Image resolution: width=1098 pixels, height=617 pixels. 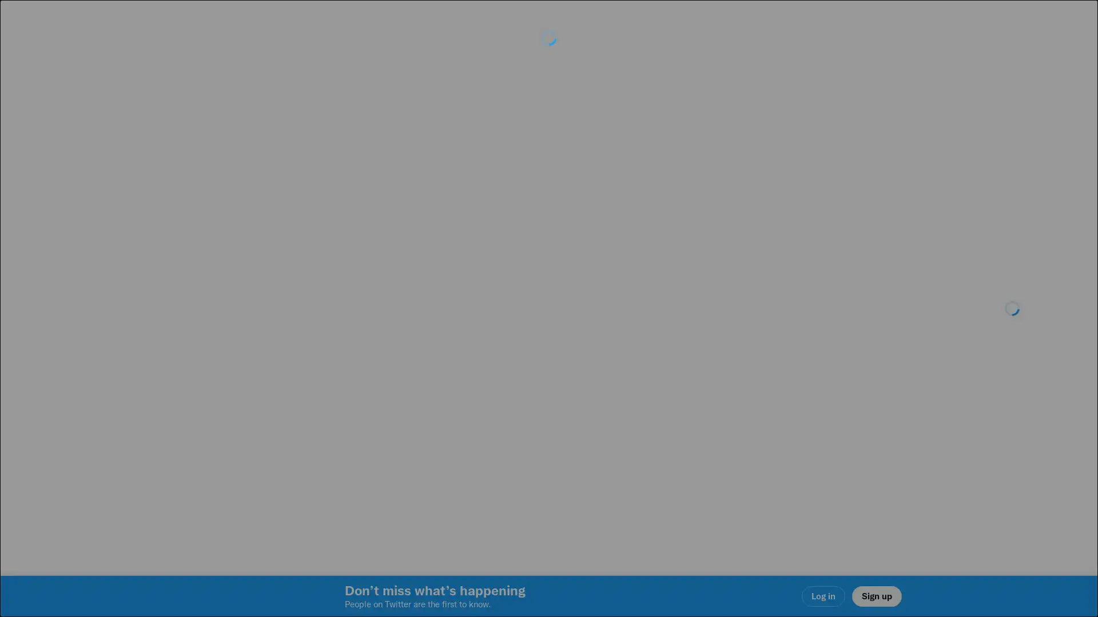 I want to click on Sign up, so click(x=413, y=389).